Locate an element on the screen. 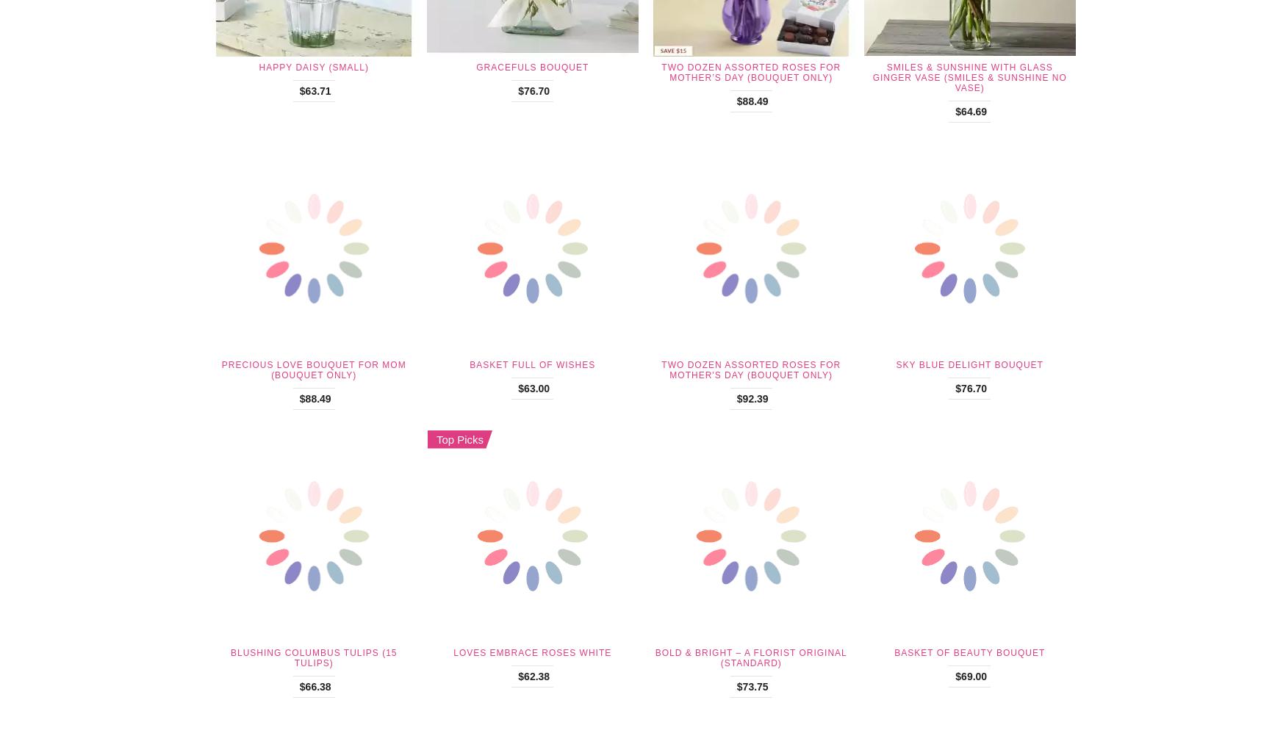 This screenshot has width=1286, height=736. 'Precious Love Bouquet for Mom (Bouquet Only)' is located at coordinates (312, 370).